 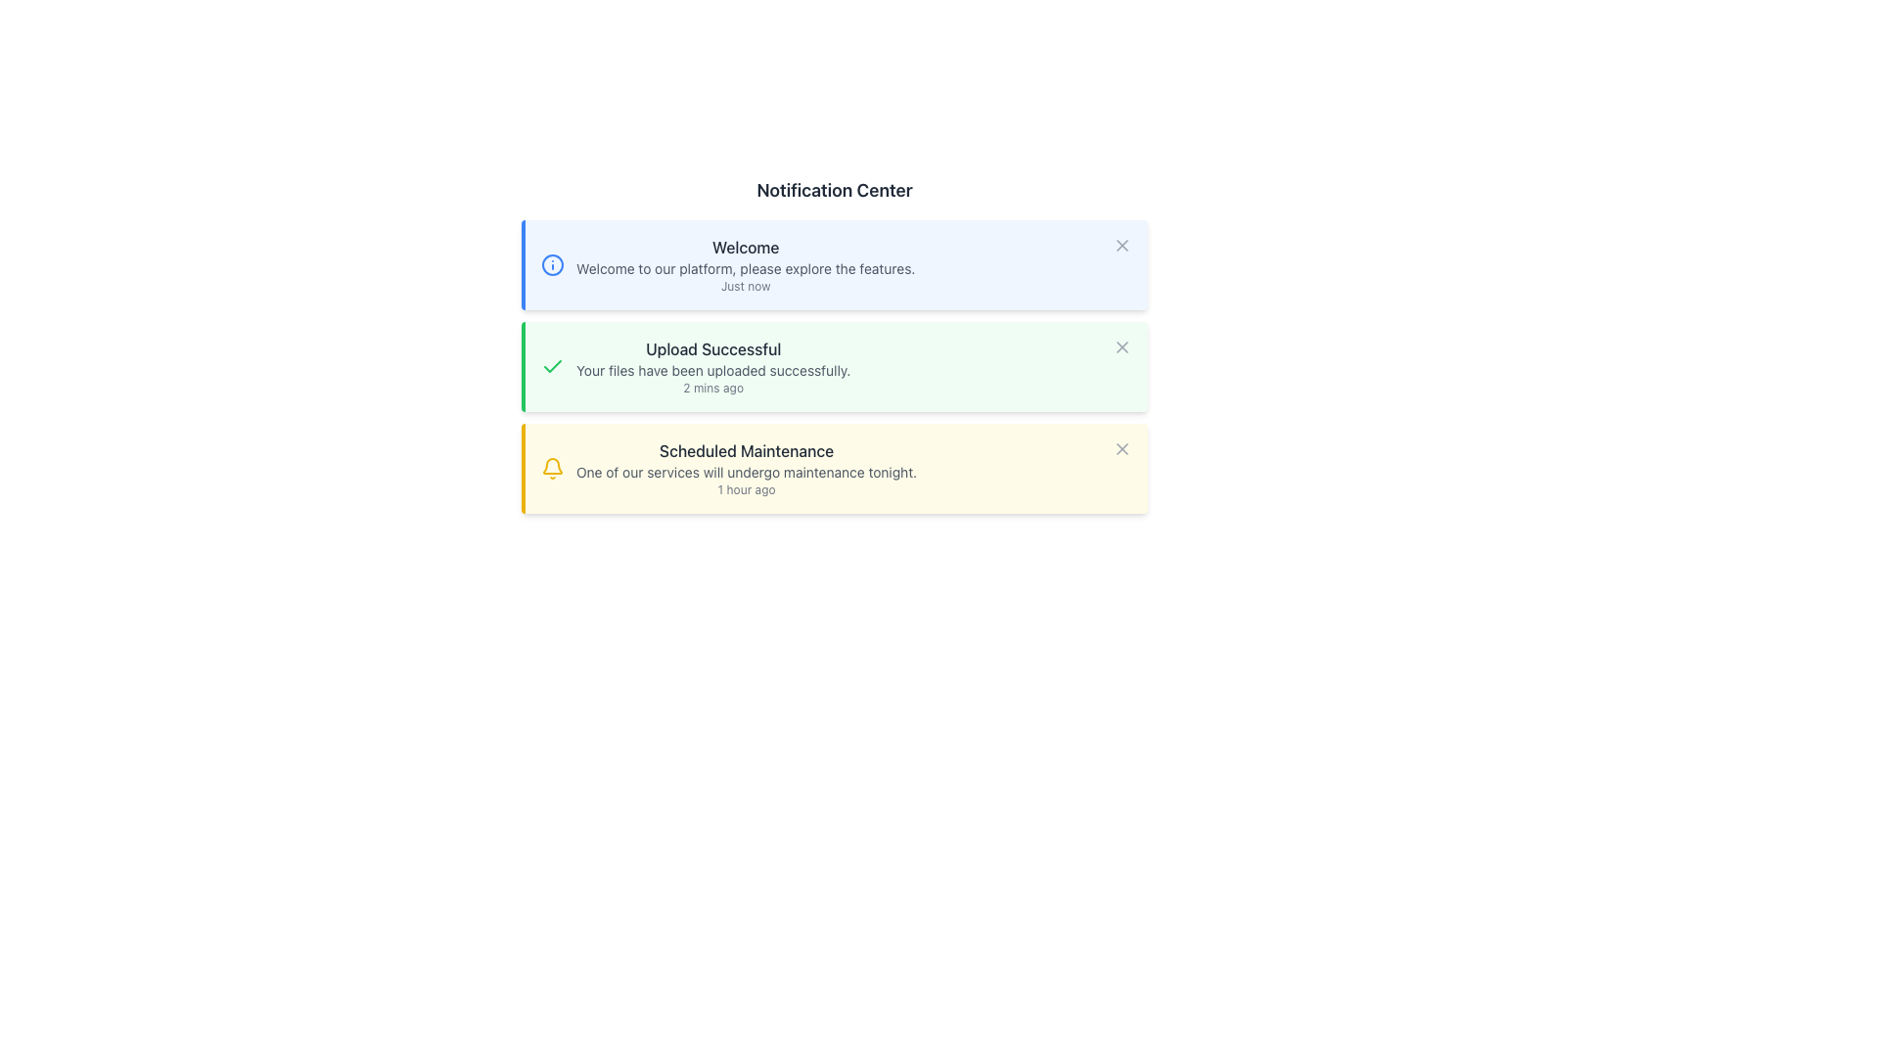 What do you see at coordinates (696, 366) in the screenshot?
I see `the second notification message that has a checkmark icon and is located within a green-bordered box` at bounding box center [696, 366].